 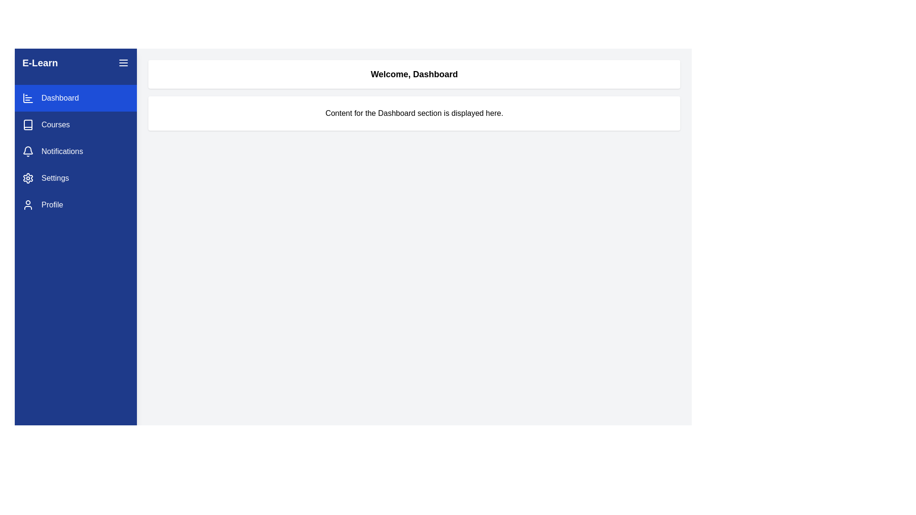 What do you see at coordinates (75, 178) in the screenshot?
I see `the 'Settings' navigation menu item` at bounding box center [75, 178].